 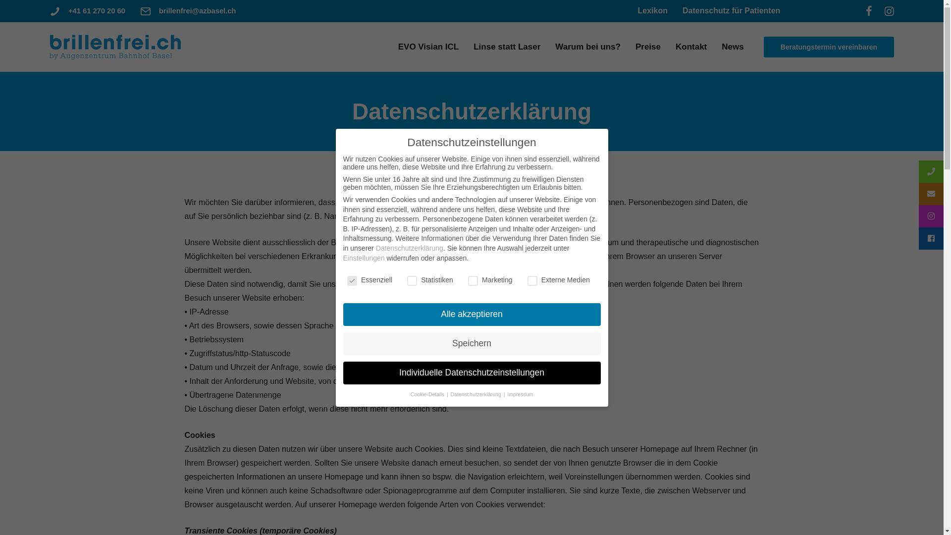 I want to click on 'Warum bei uns?', so click(x=549, y=47).